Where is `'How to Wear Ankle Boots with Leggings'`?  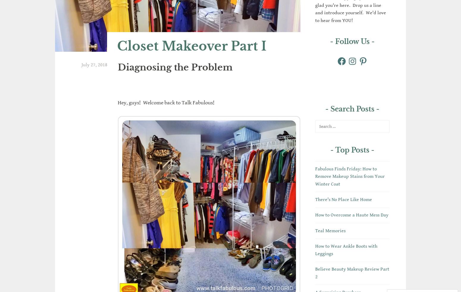
'How to Wear Ankle Boots with Leggings' is located at coordinates (315, 250).